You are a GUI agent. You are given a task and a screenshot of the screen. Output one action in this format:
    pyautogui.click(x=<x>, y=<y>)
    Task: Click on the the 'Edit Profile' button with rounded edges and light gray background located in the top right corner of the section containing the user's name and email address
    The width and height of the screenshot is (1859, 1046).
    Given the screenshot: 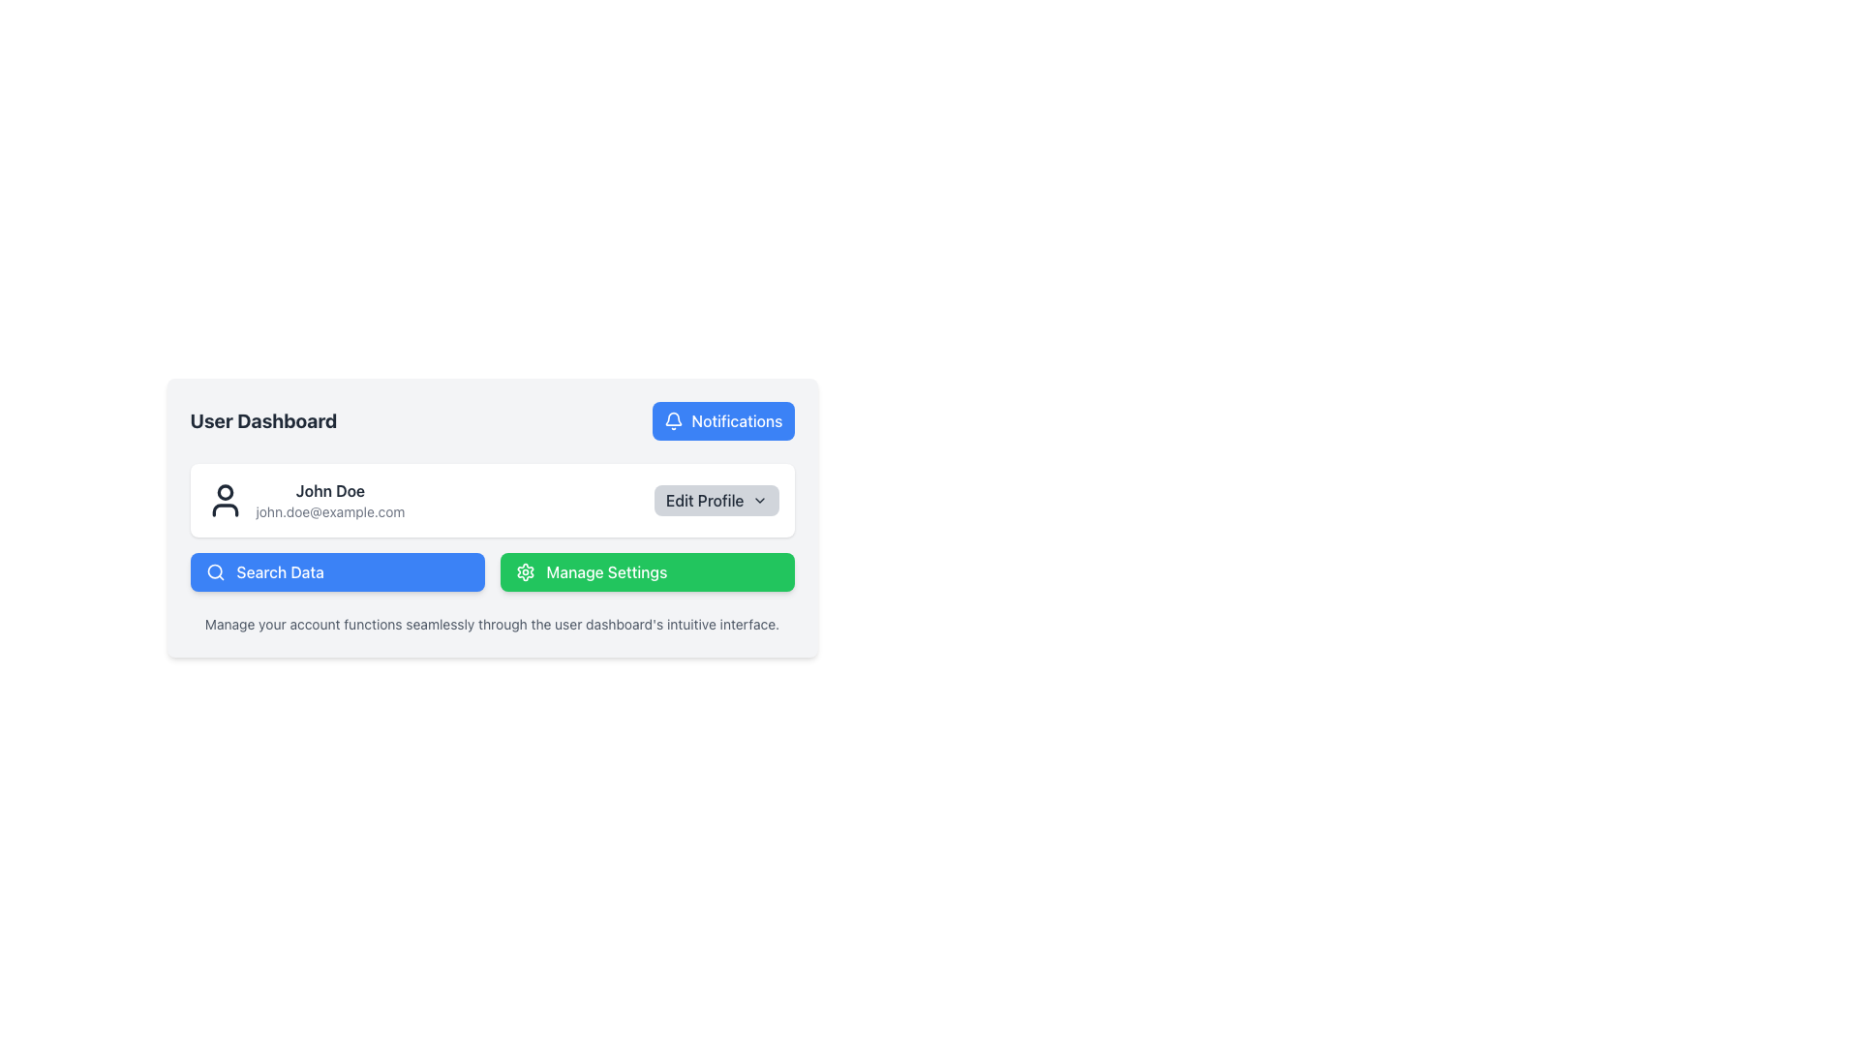 What is the action you would take?
    pyautogui.click(x=715, y=499)
    